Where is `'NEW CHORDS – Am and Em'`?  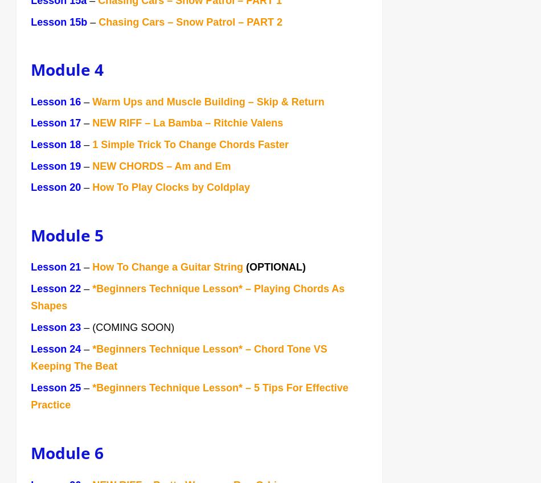 'NEW CHORDS – Am and Em' is located at coordinates (161, 167).